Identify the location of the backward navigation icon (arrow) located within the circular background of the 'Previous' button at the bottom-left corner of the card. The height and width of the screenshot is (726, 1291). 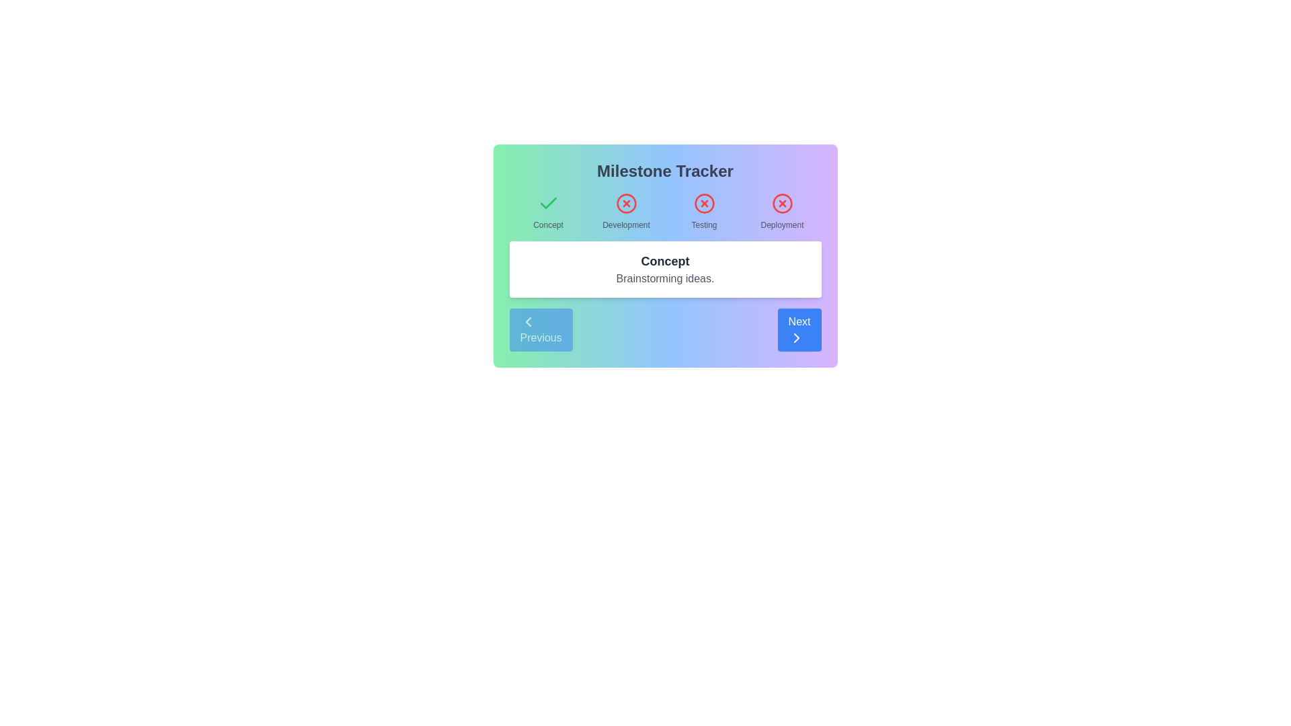
(527, 321).